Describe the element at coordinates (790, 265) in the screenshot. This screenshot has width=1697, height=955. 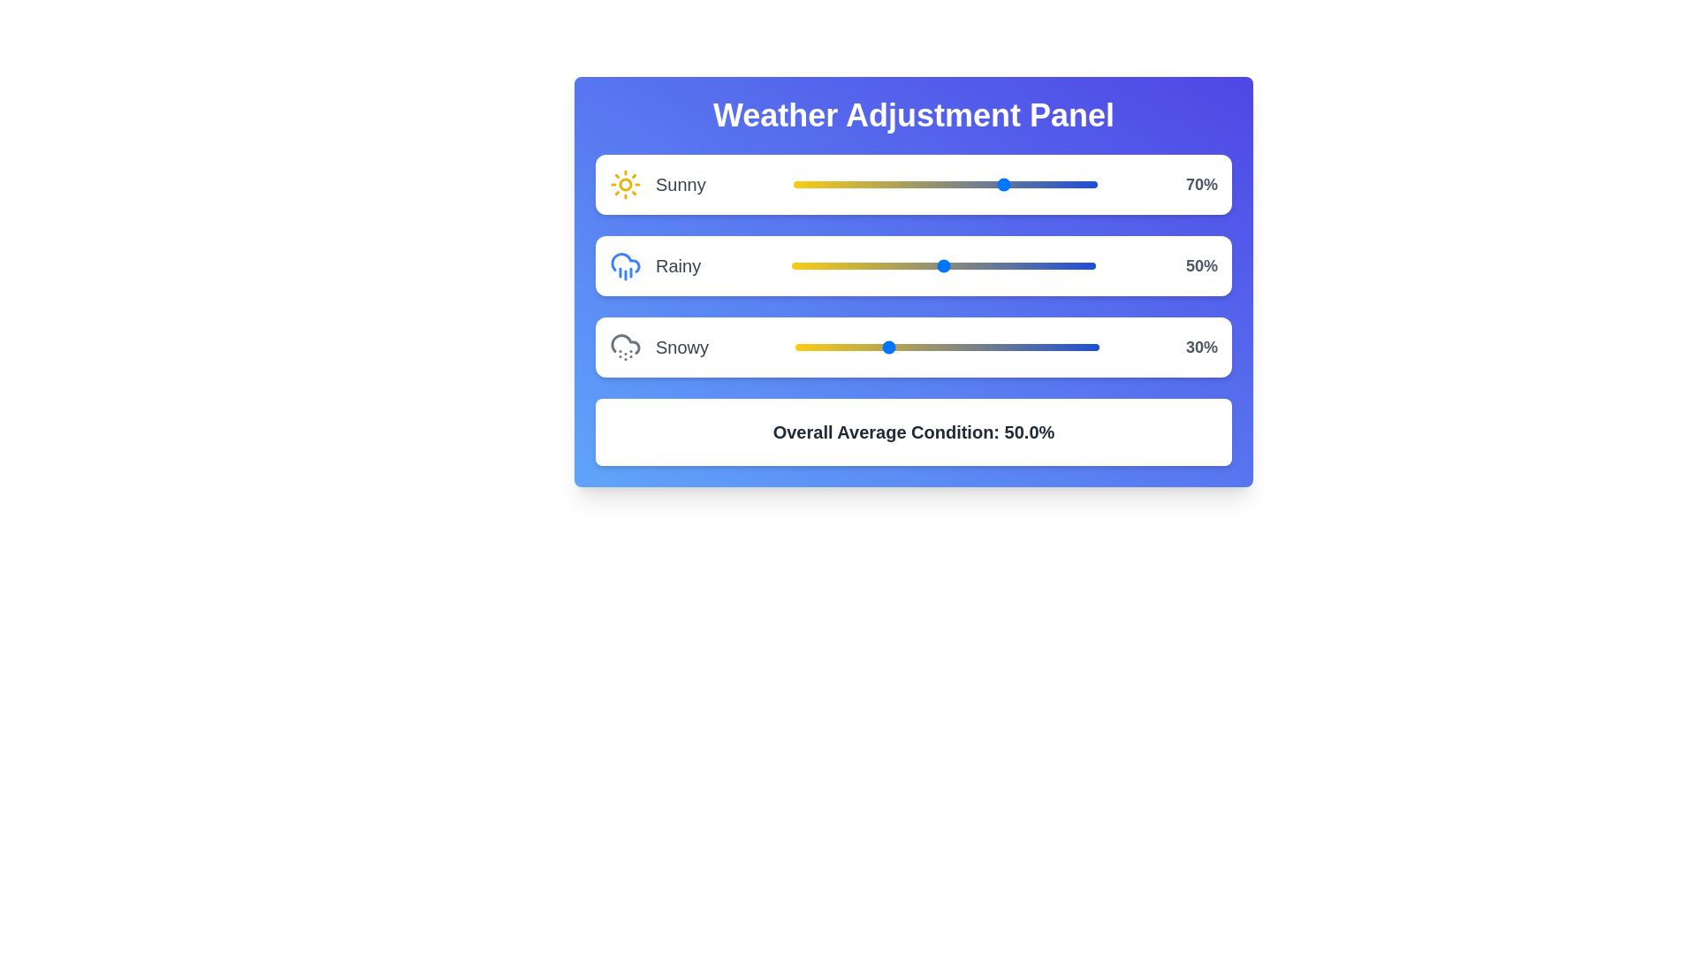
I see `the 'Rainy' slider` at that location.